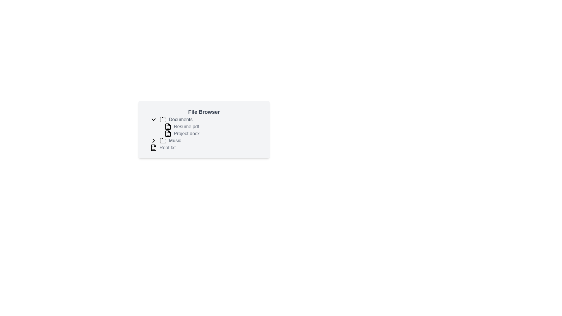 This screenshot has width=562, height=316. What do you see at coordinates (168, 126) in the screenshot?
I see `the SVG icon representing a document with a folded corner, located to the left of the text 'Resume.pdf'` at bounding box center [168, 126].